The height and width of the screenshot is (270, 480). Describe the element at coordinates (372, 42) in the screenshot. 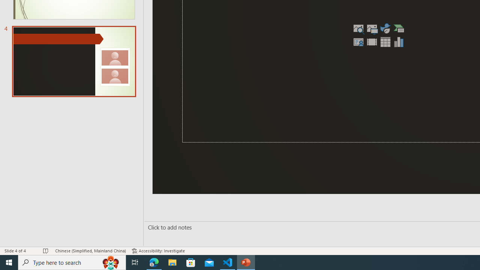

I see `'Insert Video'` at that location.